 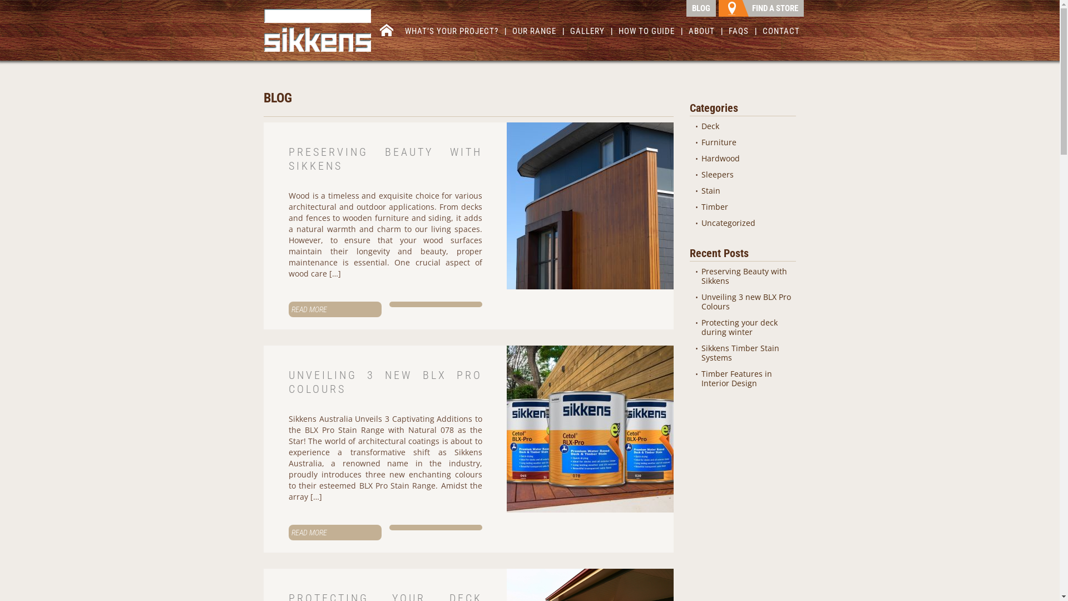 I want to click on 'HOW TO GUIDE', so click(x=616, y=33).